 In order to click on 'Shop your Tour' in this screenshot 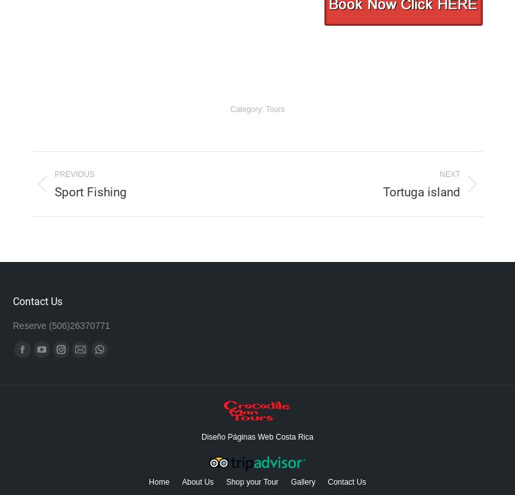, I will do `click(251, 481)`.